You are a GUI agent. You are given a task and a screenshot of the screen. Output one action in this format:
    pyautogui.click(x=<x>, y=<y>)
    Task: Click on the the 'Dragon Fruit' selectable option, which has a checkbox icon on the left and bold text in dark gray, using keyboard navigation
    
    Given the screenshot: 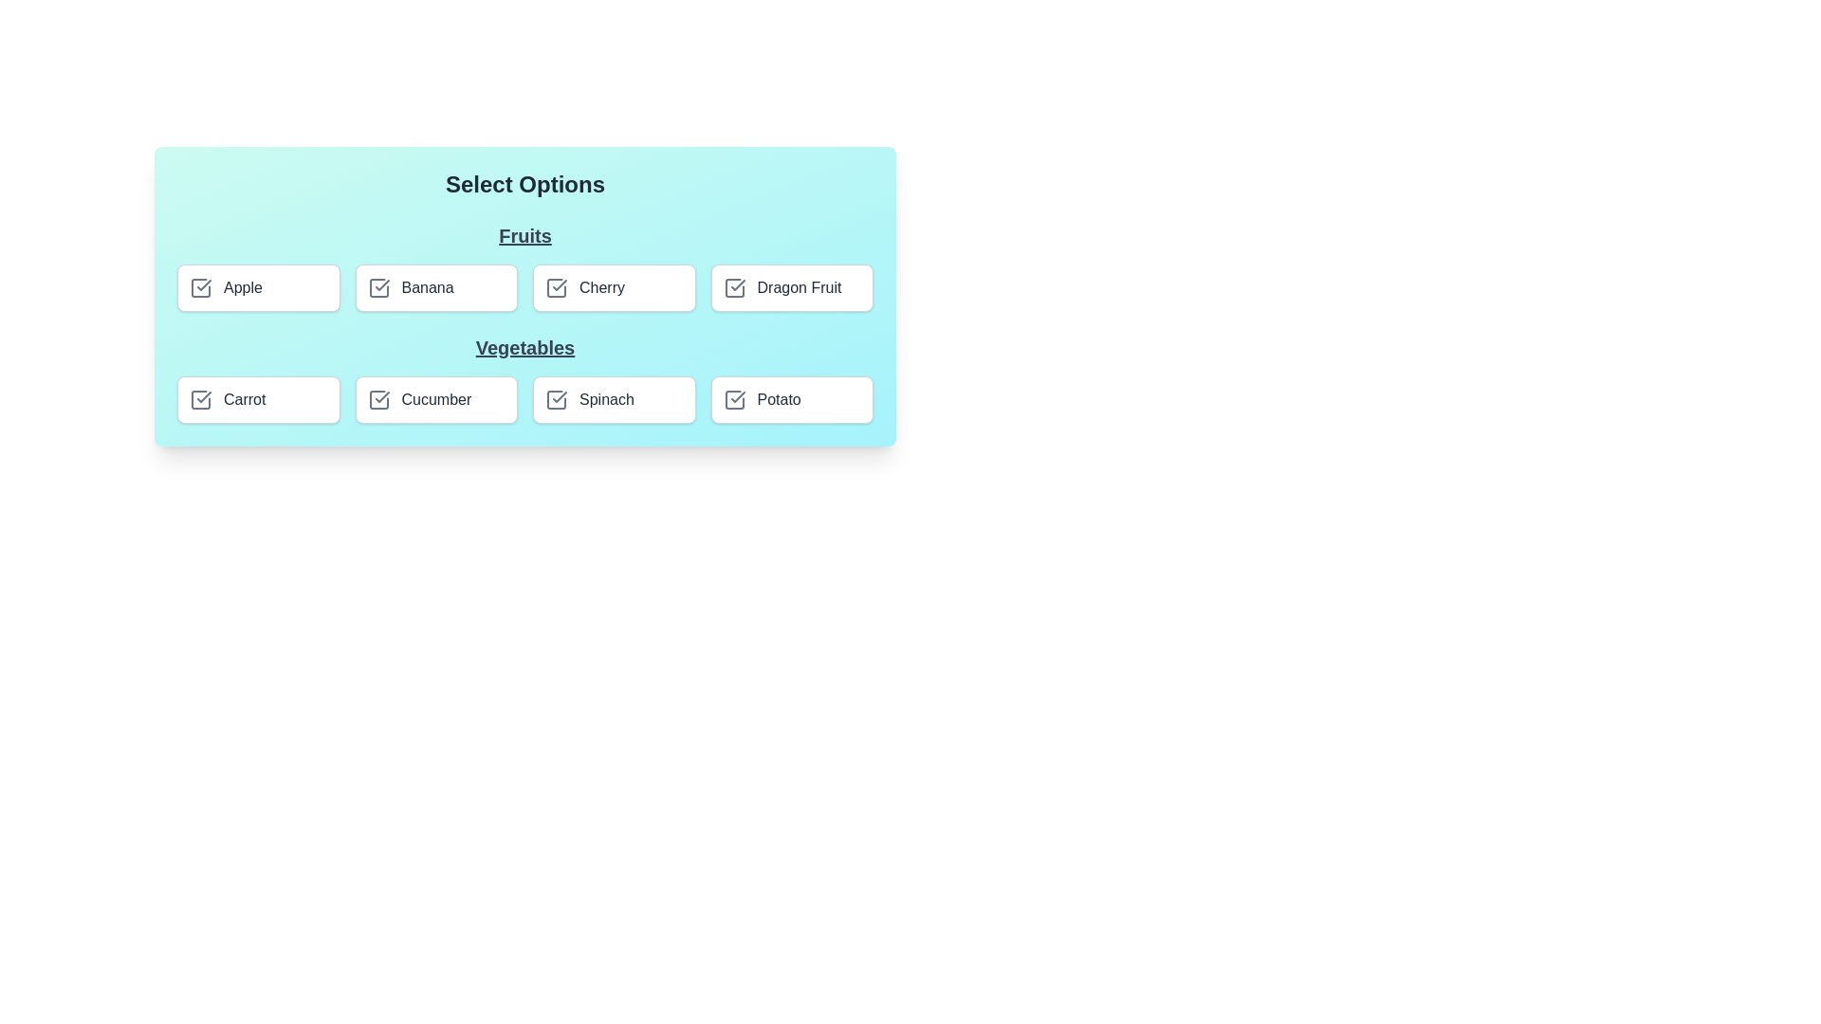 What is the action you would take?
    pyautogui.click(x=792, y=288)
    